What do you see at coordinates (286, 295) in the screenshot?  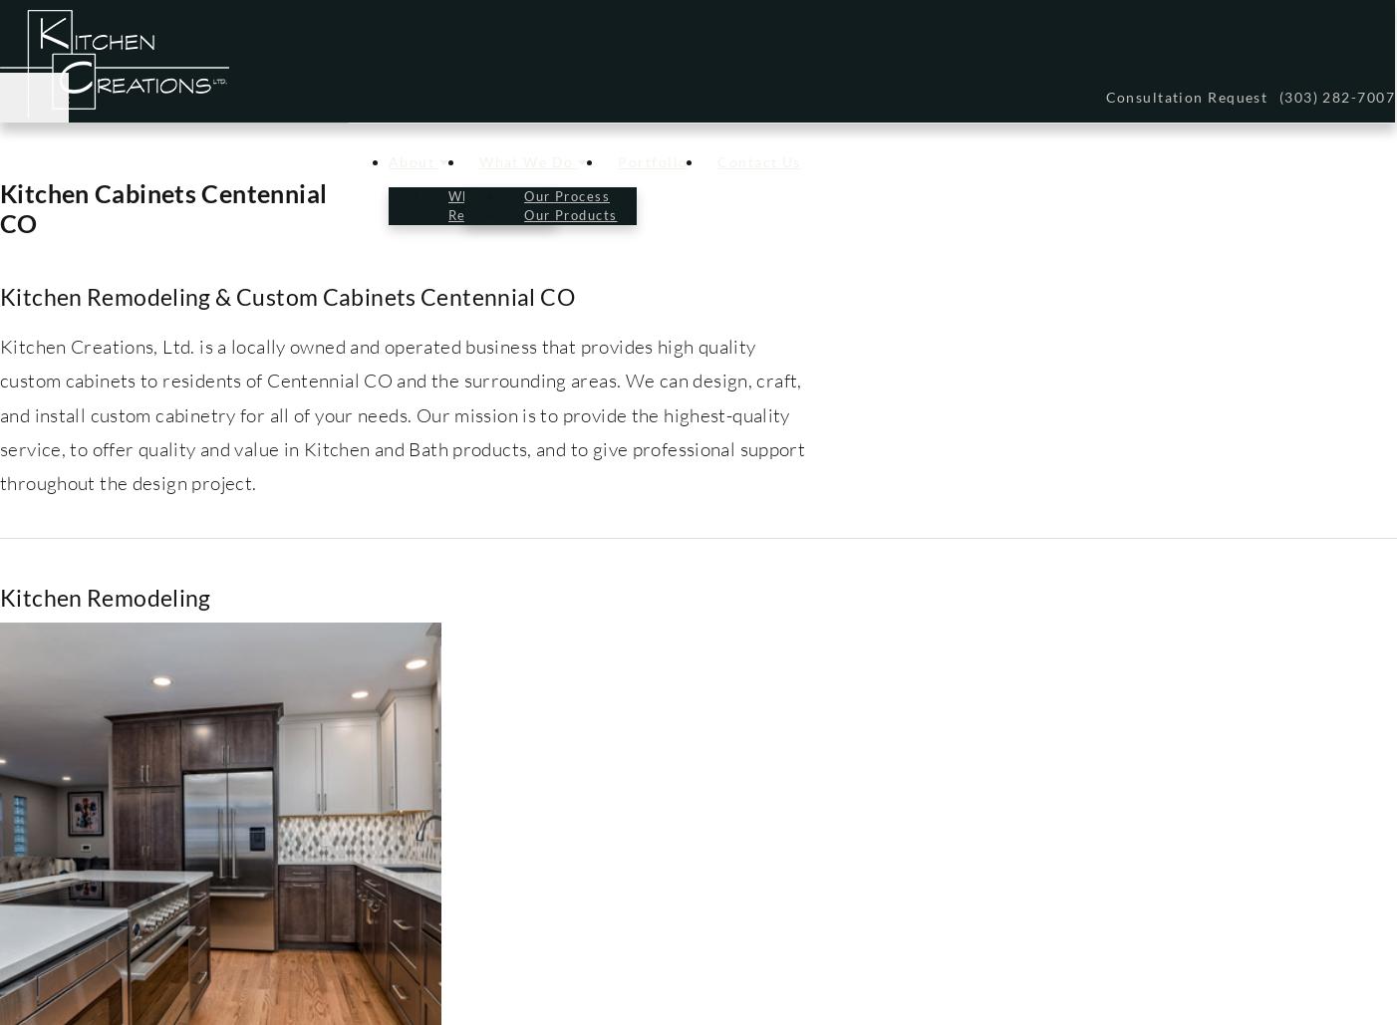 I see `'Kitchen Remodeling & Custom Cabinets Centennial CO'` at bounding box center [286, 295].